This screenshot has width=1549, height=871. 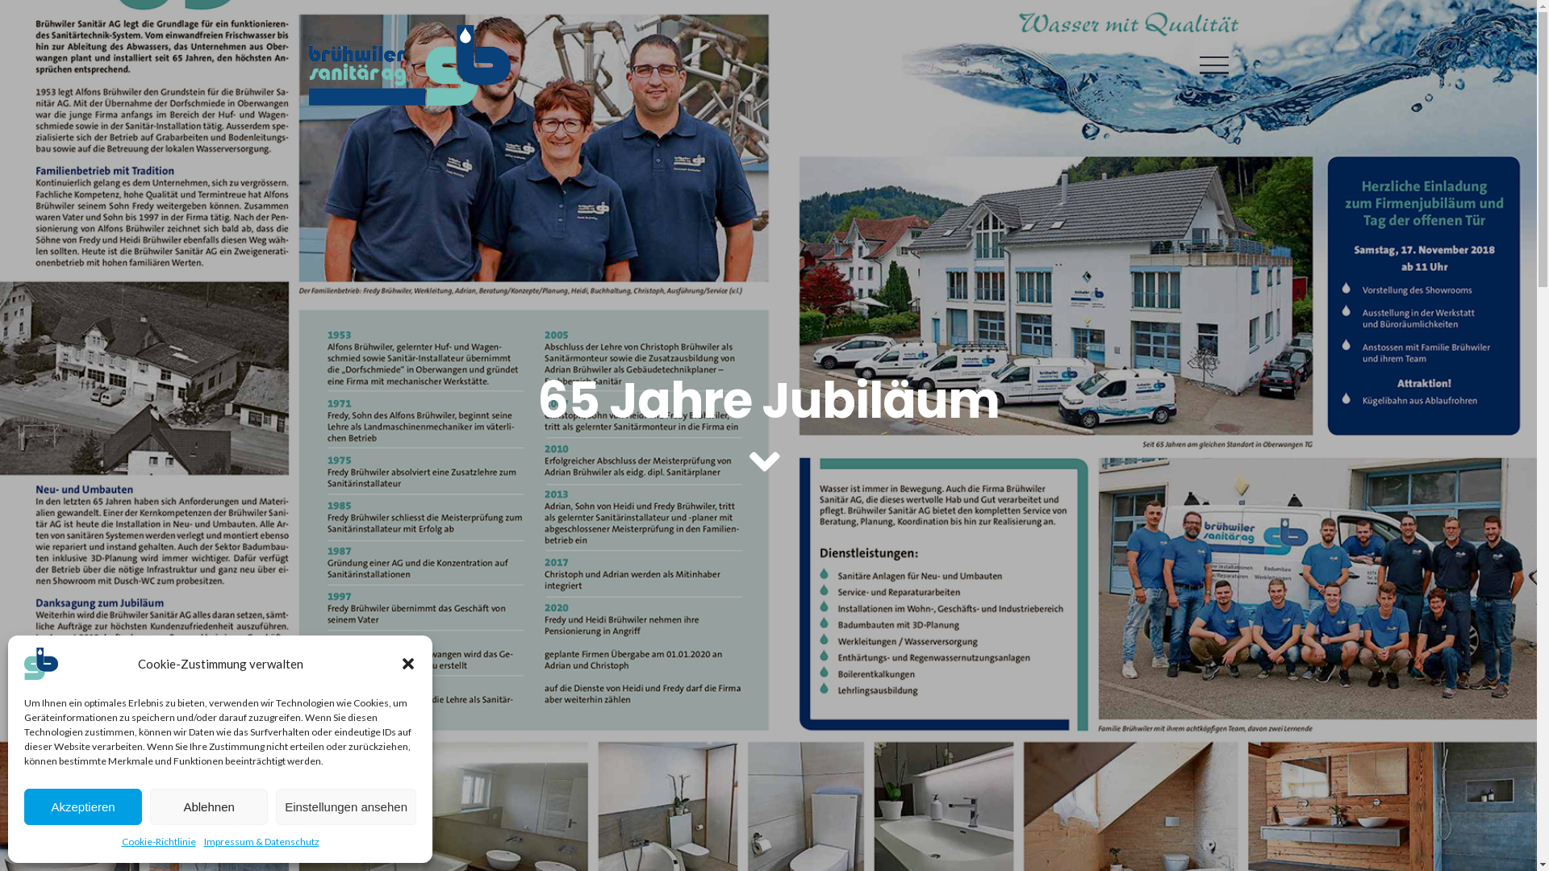 What do you see at coordinates (158, 841) in the screenshot?
I see `'Cookie-Richtlinie'` at bounding box center [158, 841].